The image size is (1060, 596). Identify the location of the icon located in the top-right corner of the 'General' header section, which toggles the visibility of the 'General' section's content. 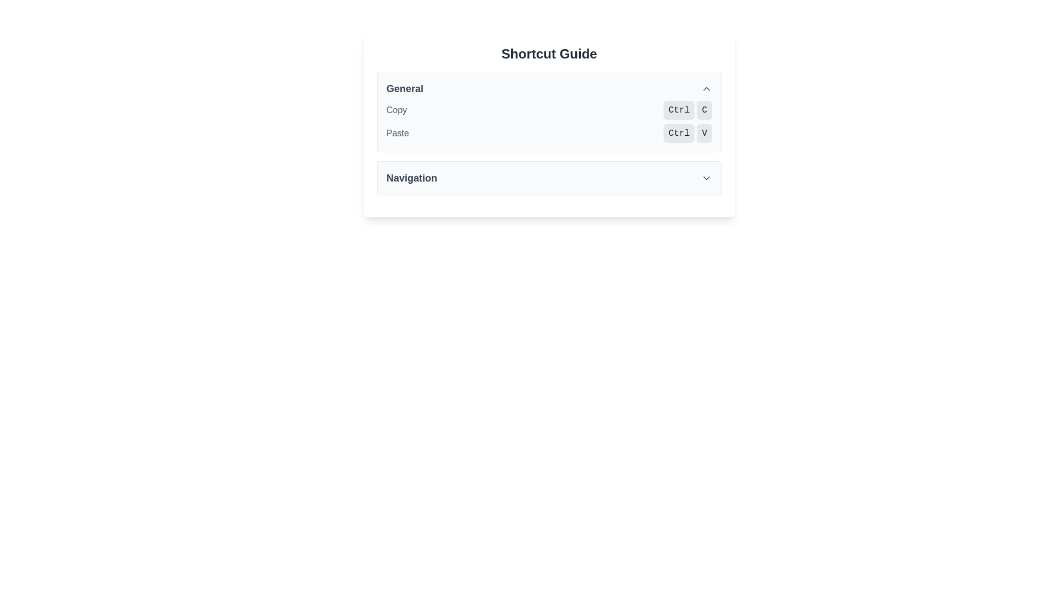
(707, 88).